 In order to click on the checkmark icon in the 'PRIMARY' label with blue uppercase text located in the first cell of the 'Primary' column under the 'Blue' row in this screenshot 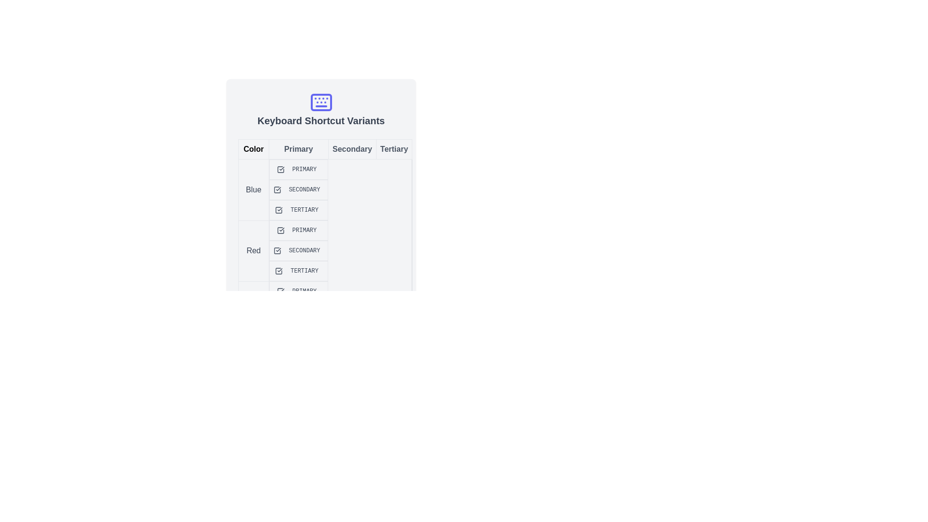, I will do `click(298, 169)`.